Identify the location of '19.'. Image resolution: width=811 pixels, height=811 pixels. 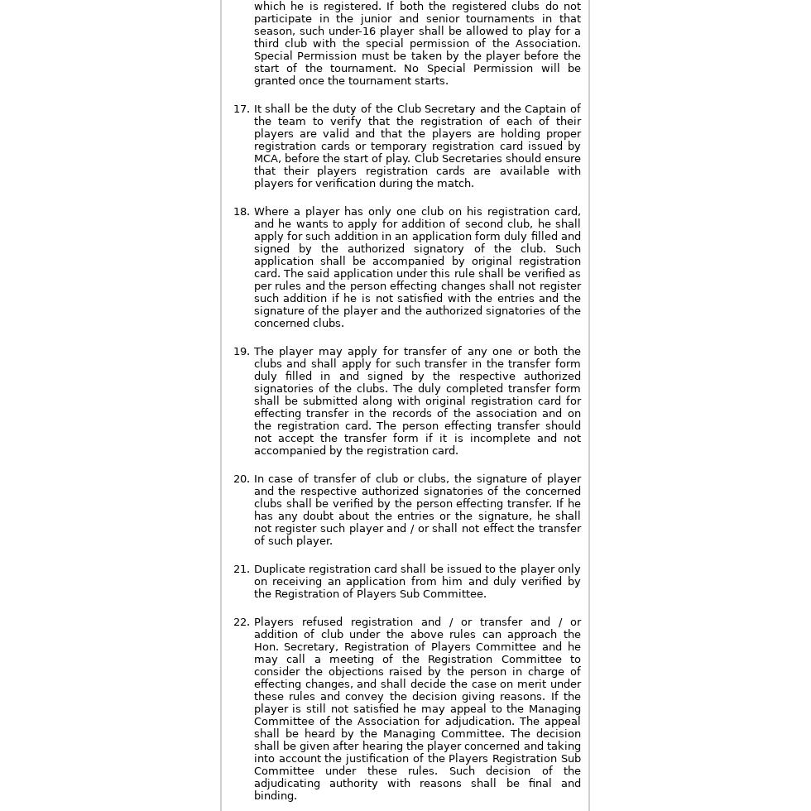
(240, 351).